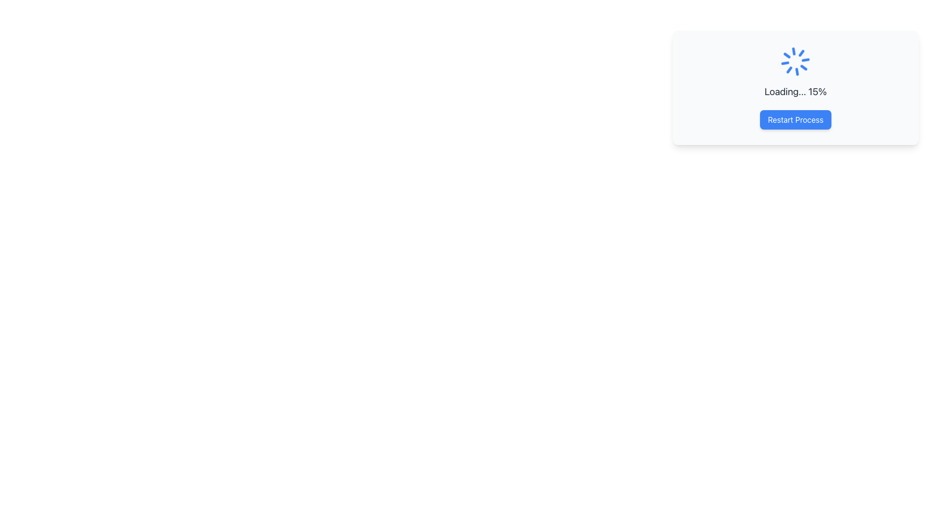 Image resolution: width=933 pixels, height=524 pixels. Describe the element at coordinates (799, 71) in the screenshot. I see `the blue vertical line segment at the 12 o'clock position of the animated SVG loader graphic` at that location.